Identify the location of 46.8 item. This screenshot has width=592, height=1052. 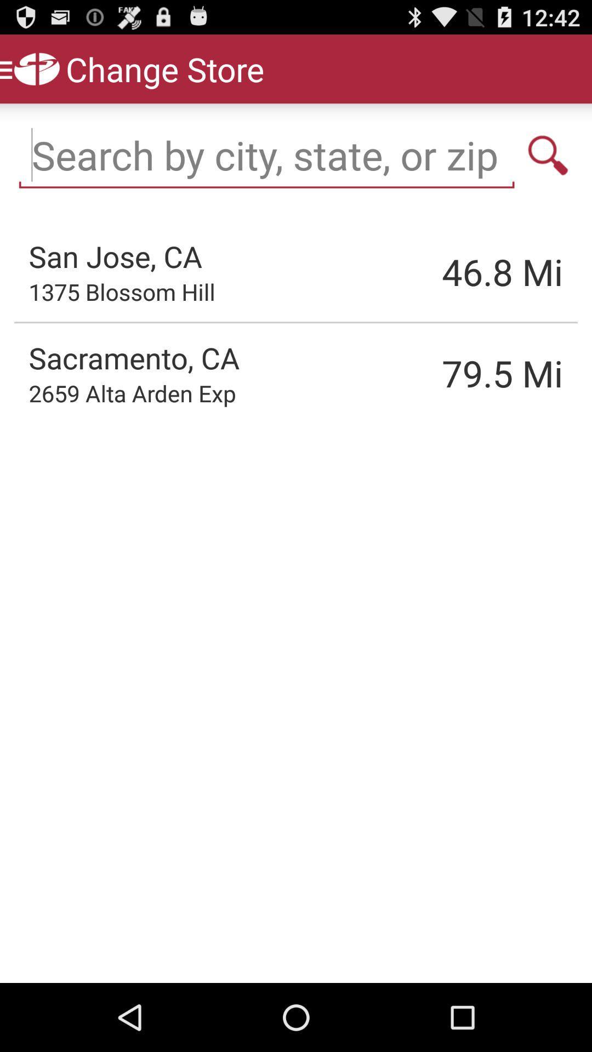
(447, 272).